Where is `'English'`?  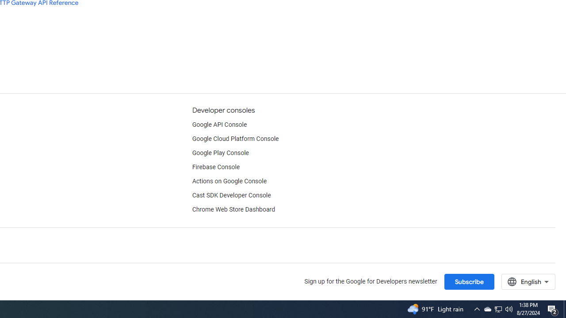
'English' is located at coordinates (528, 281).